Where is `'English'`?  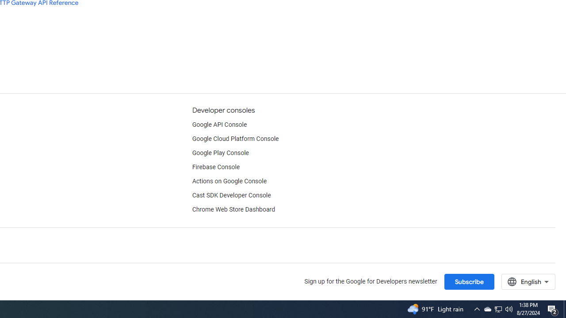
'English' is located at coordinates (528, 281).